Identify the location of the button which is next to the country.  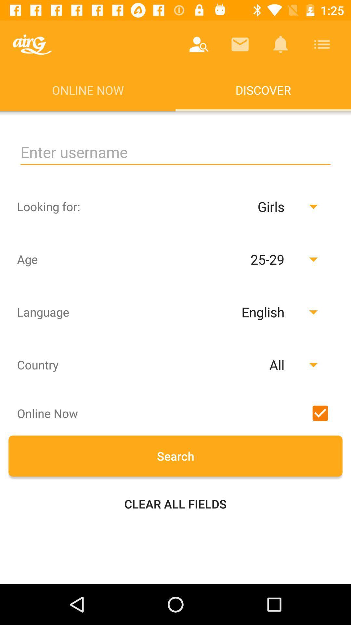
(241, 365).